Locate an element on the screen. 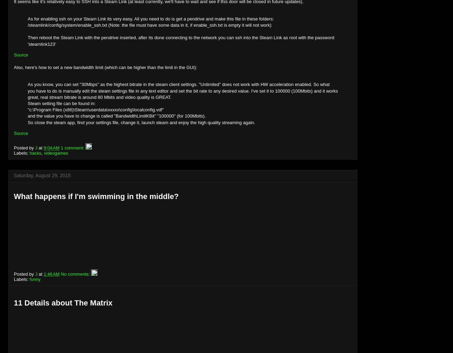 Image resolution: width=453 pixels, height=353 pixels. 'So close the steam app, find your settings file, change it, launch steam and enjoy the high quality streaming again.' is located at coordinates (141, 122).